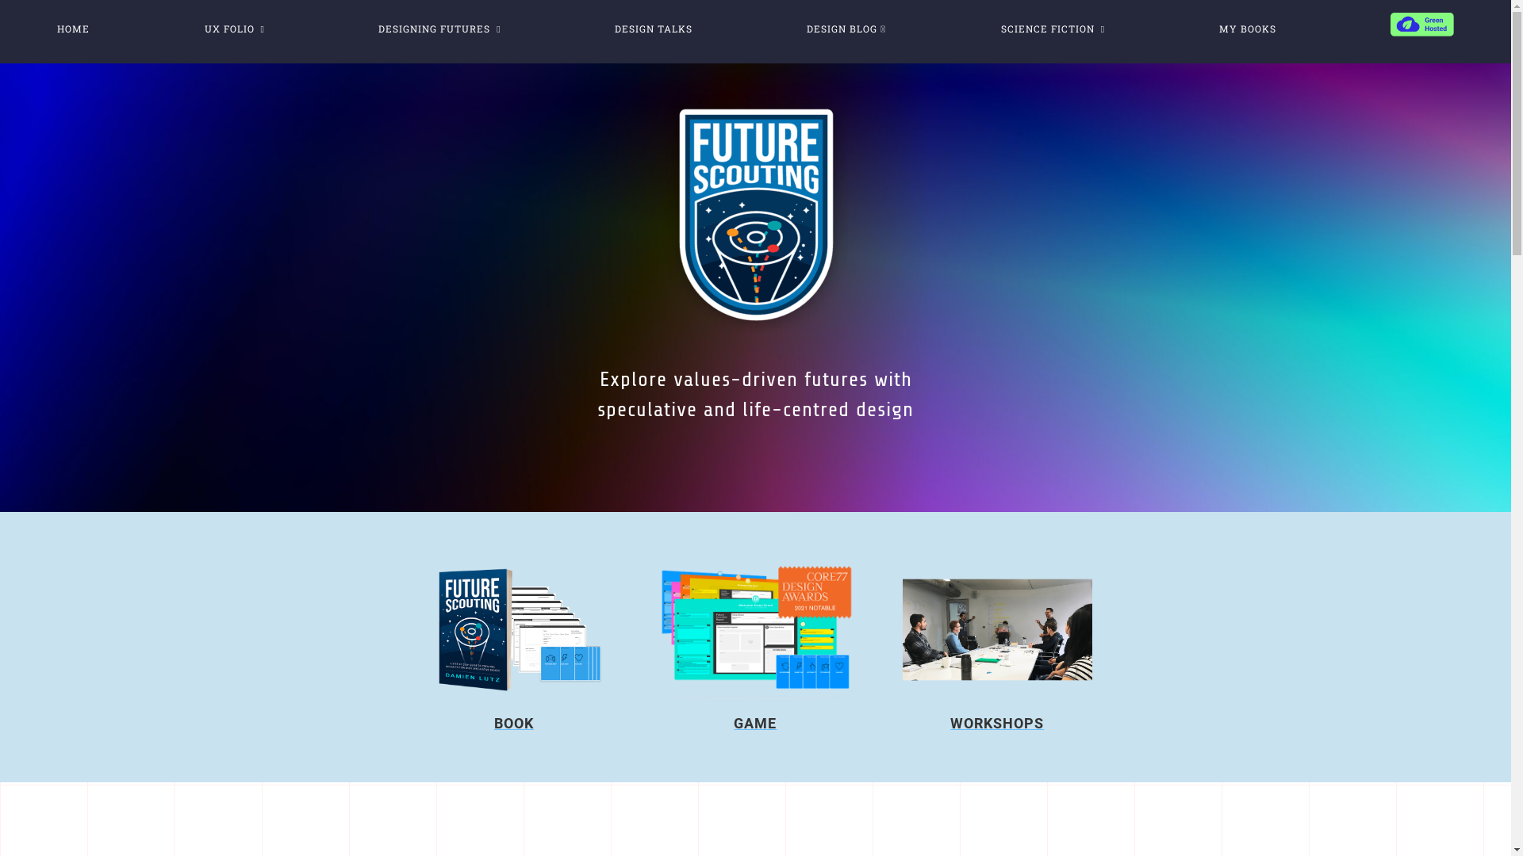 The height and width of the screenshot is (856, 1523). Describe the element at coordinates (996, 629) in the screenshot. I see `'workshop'` at that location.